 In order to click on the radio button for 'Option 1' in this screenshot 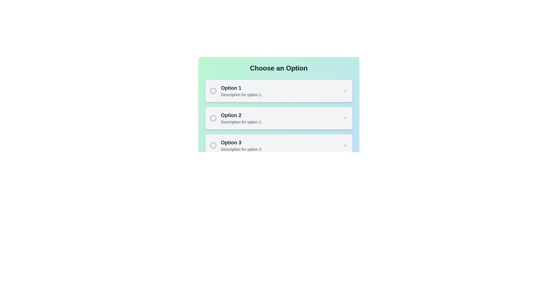, I will do `click(213, 91)`.